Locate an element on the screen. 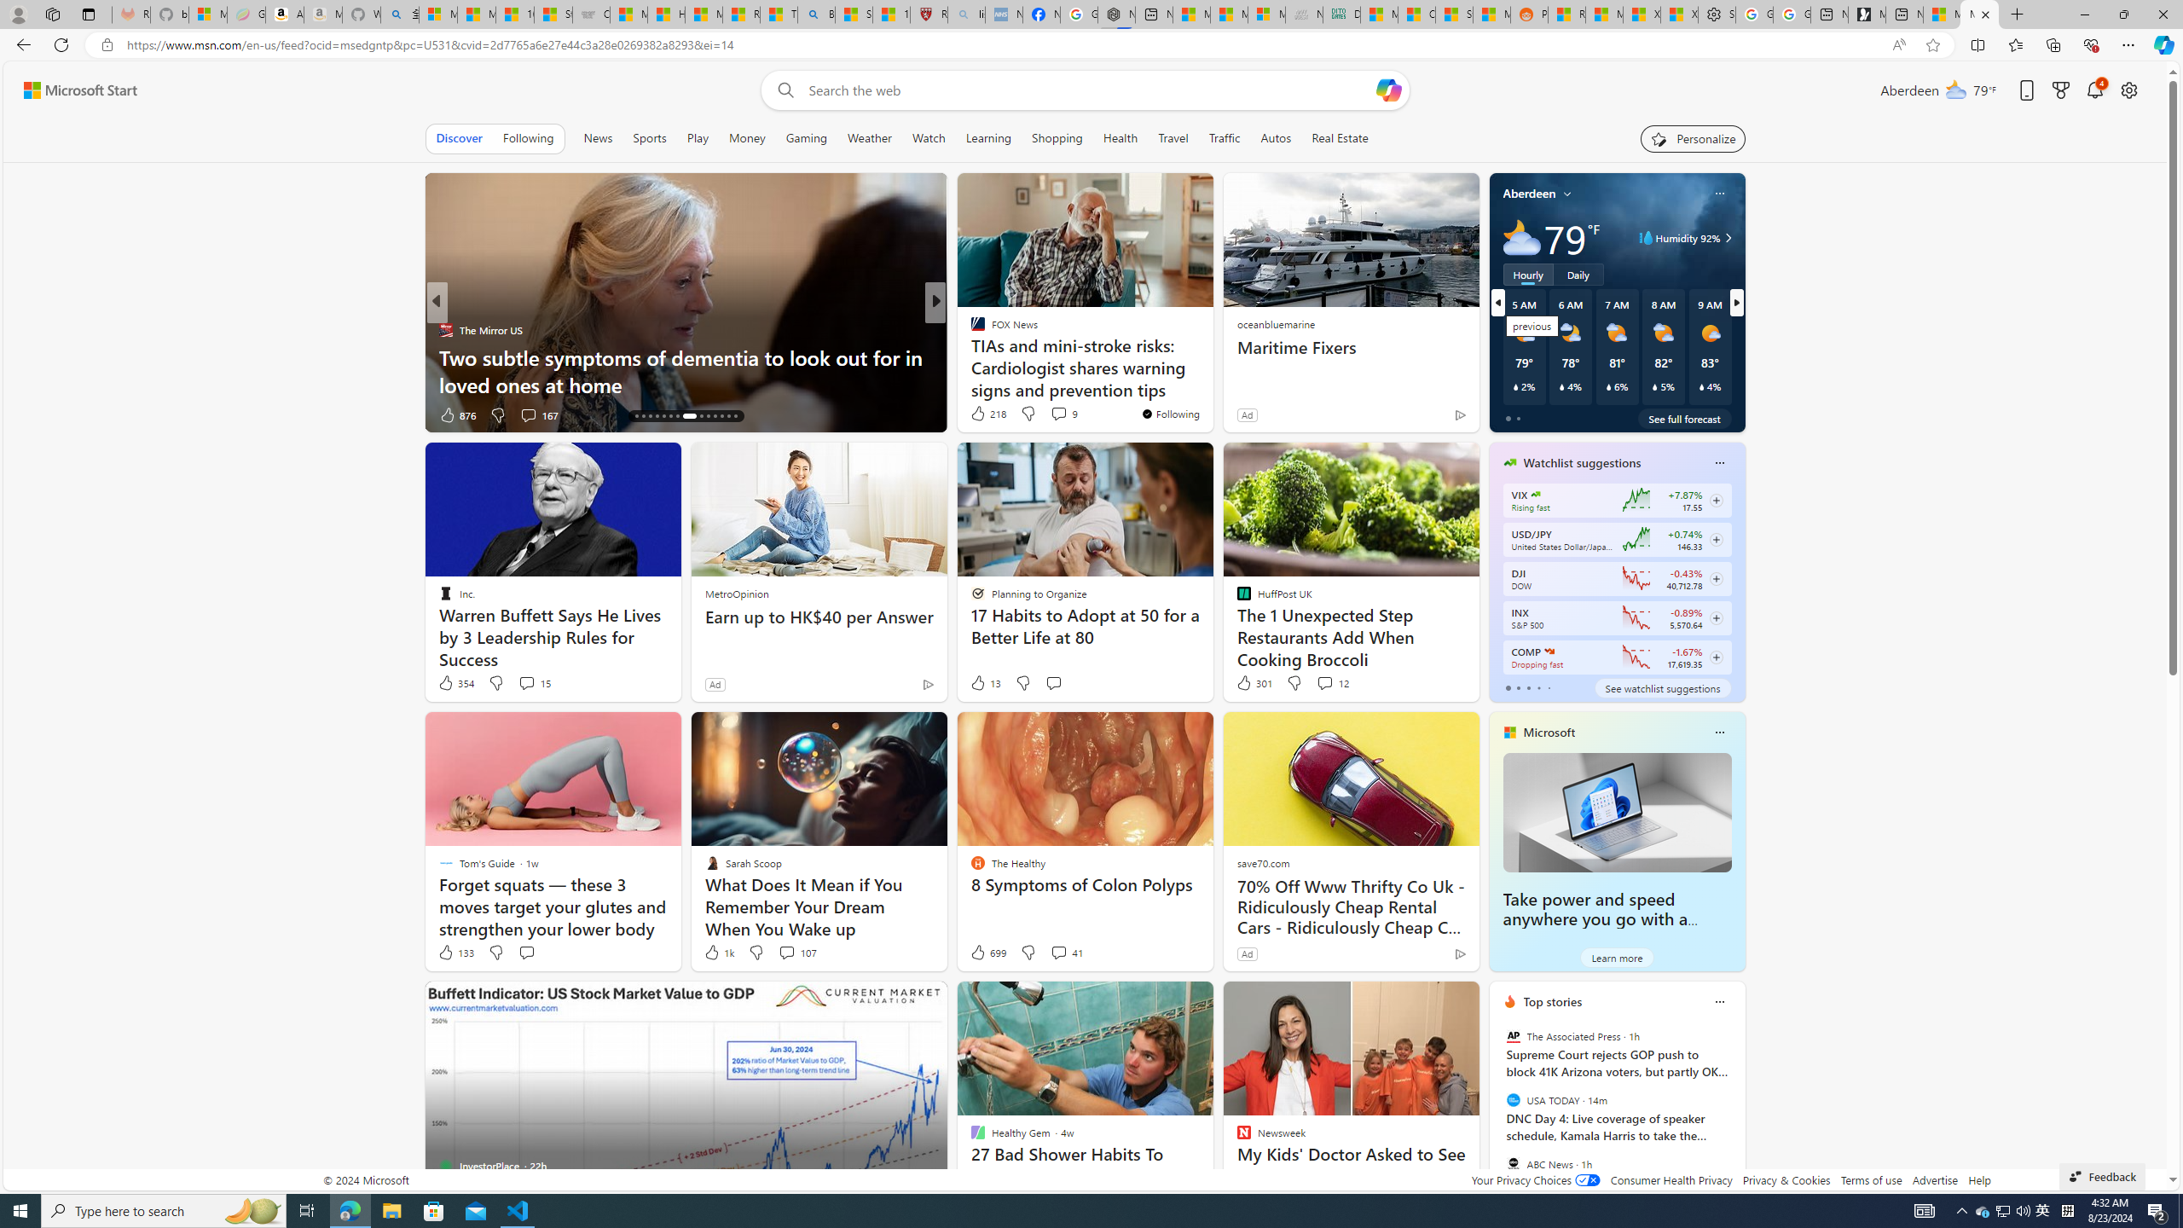  'View comments 41 Comment' is located at coordinates (1066, 951).